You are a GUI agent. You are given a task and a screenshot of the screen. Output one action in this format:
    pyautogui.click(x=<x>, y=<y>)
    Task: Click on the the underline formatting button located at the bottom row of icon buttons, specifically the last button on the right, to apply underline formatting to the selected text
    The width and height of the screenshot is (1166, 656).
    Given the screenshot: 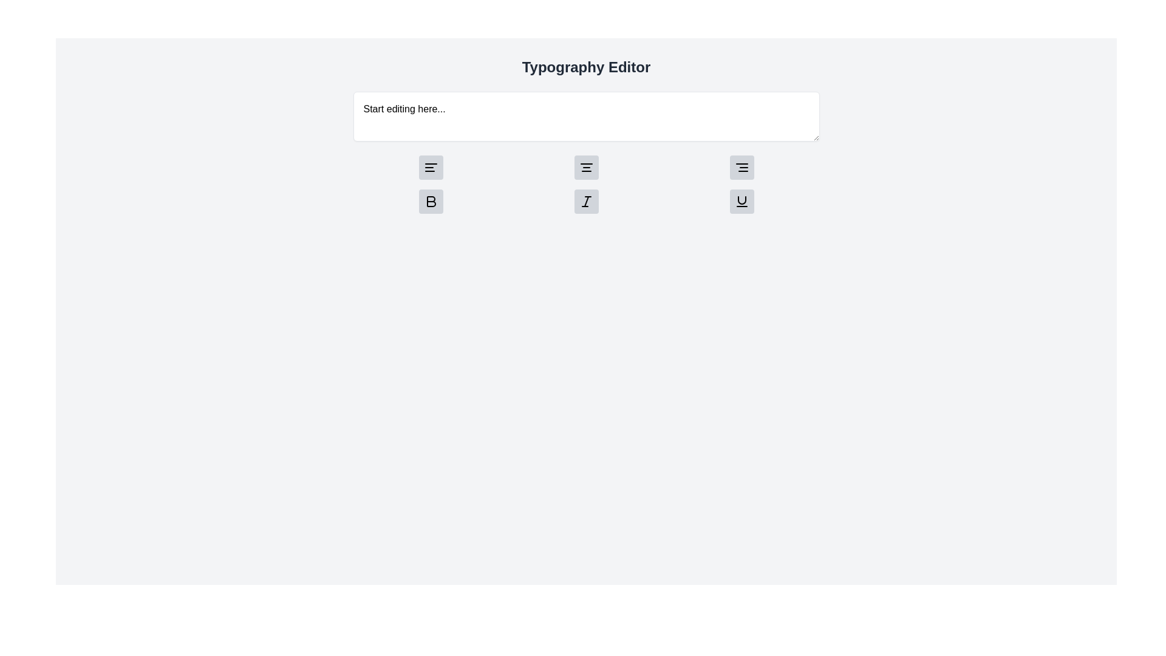 What is the action you would take?
    pyautogui.click(x=741, y=200)
    